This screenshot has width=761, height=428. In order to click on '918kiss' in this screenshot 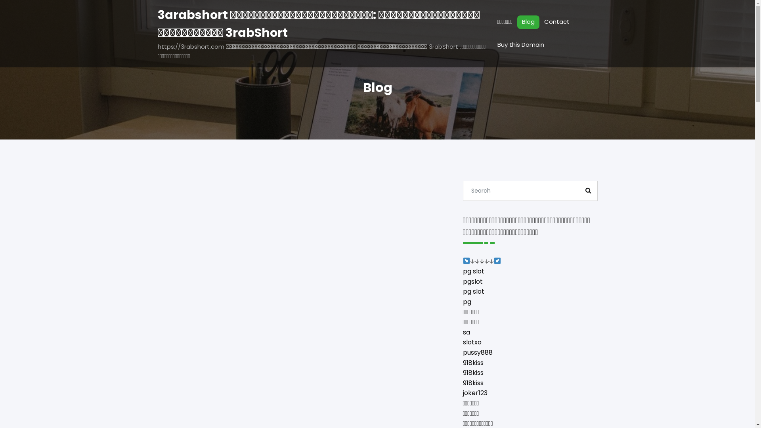, I will do `click(473, 382)`.